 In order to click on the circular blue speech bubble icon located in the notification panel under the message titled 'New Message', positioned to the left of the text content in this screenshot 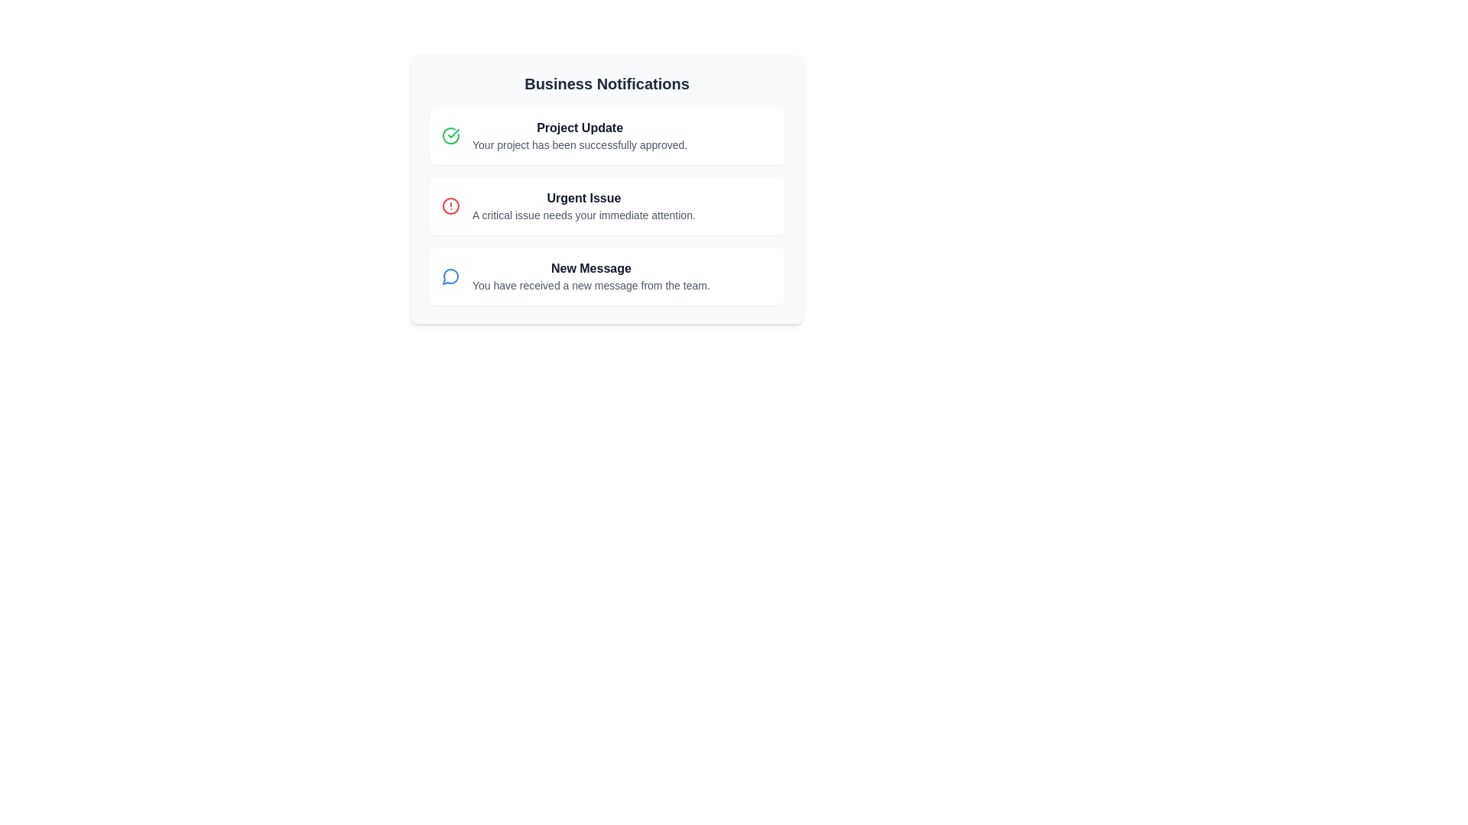, I will do `click(450, 277)`.